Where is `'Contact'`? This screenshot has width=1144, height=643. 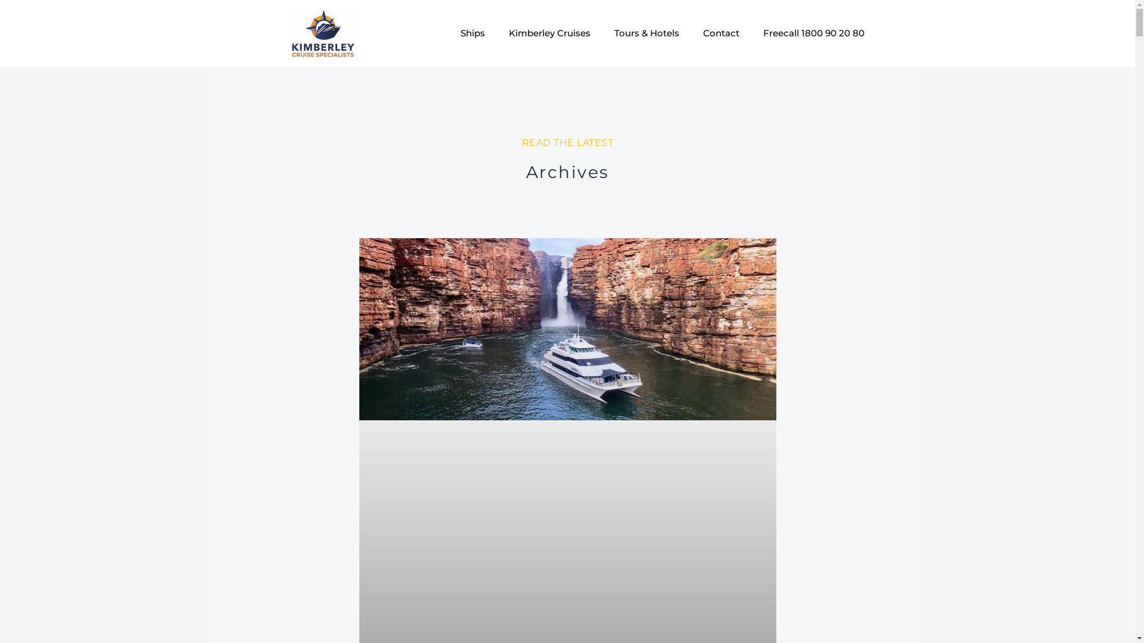 'Contact' is located at coordinates (691, 33).